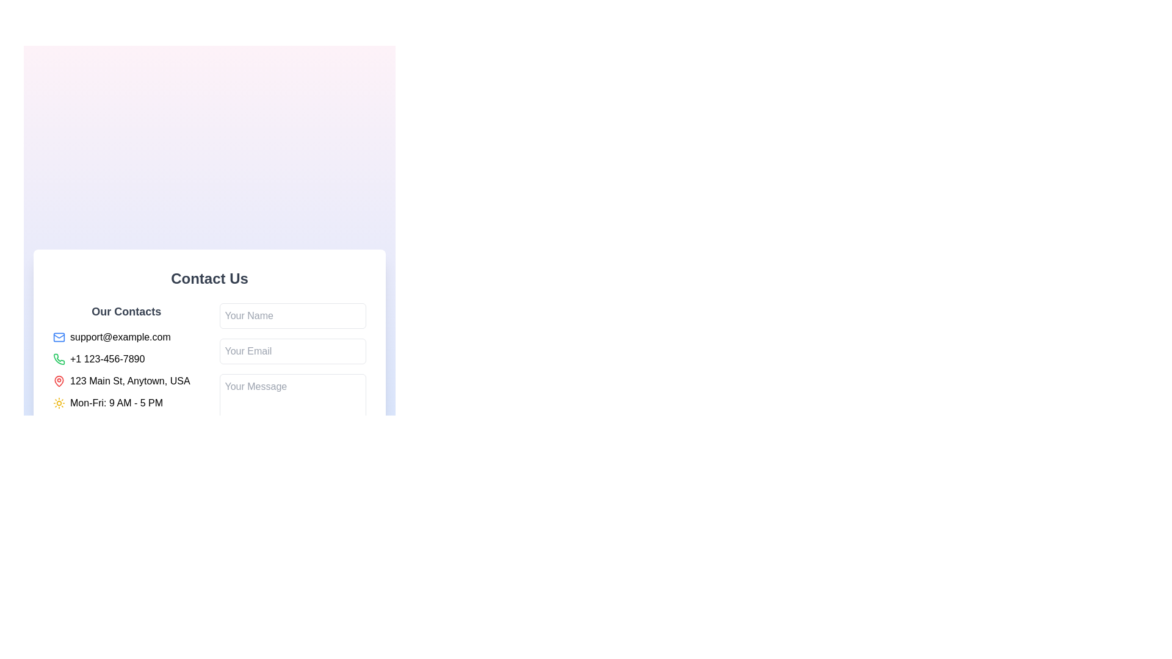  What do you see at coordinates (126, 369) in the screenshot?
I see `the interactive links (email or phone number) within the multi-line textual block in the 'Our Contacts' section, located under the header 'Our Contacts'` at bounding box center [126, 369].